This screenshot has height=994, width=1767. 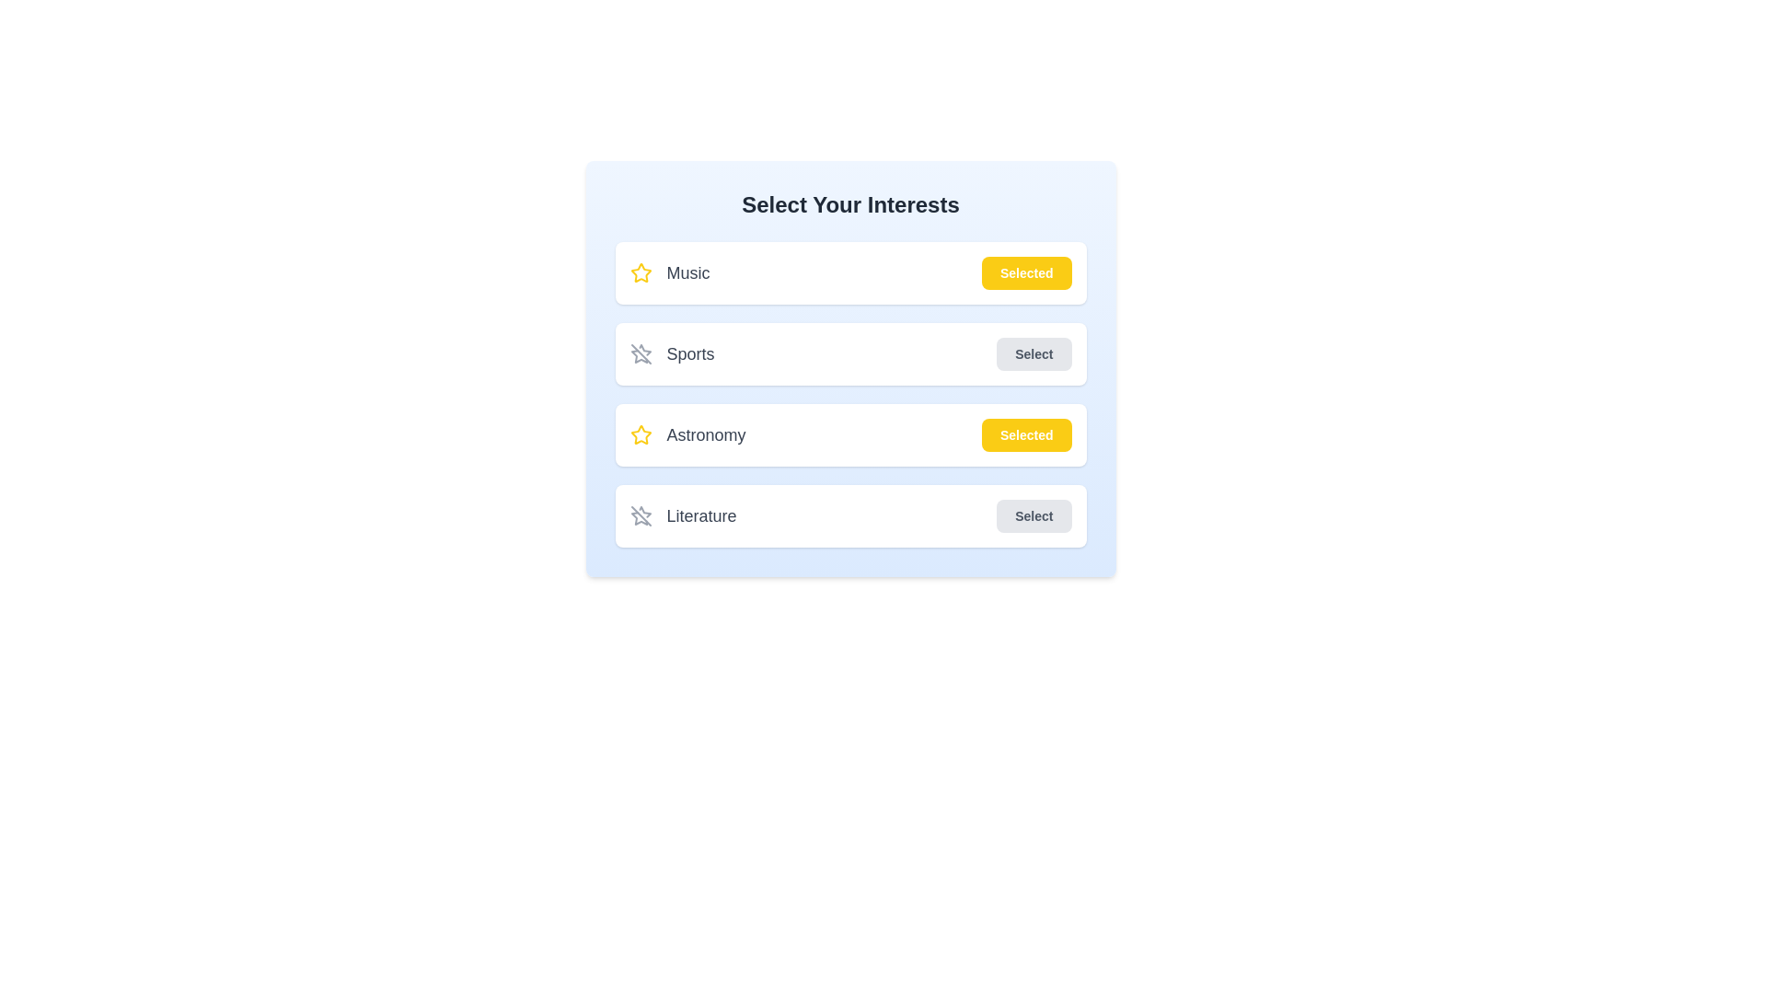 I want to click on the interest Sports, so click(x=1034, y=354).